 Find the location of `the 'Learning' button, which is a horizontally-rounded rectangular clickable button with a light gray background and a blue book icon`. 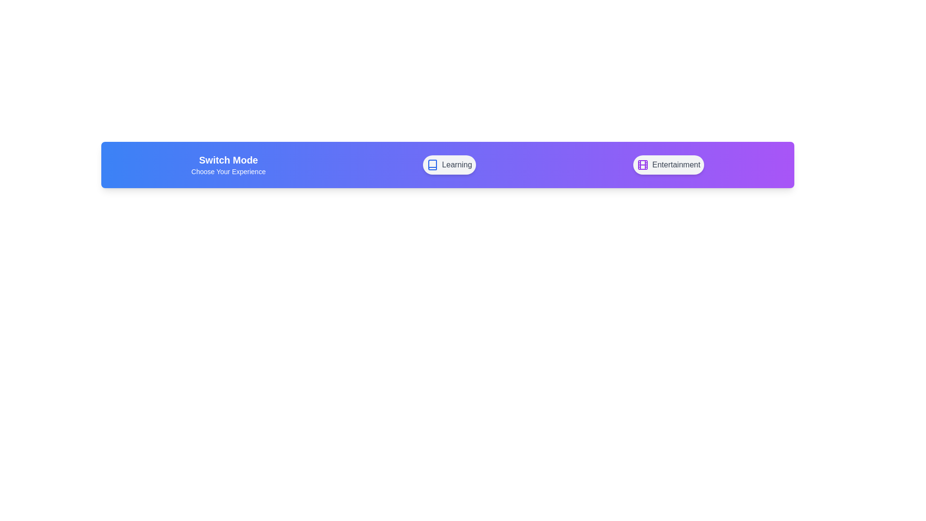

the 'Learning' button, which is a horizontally-rounded rectangular clickable button with a light gray background and a blue book icon is located at coordinates (449, 165).